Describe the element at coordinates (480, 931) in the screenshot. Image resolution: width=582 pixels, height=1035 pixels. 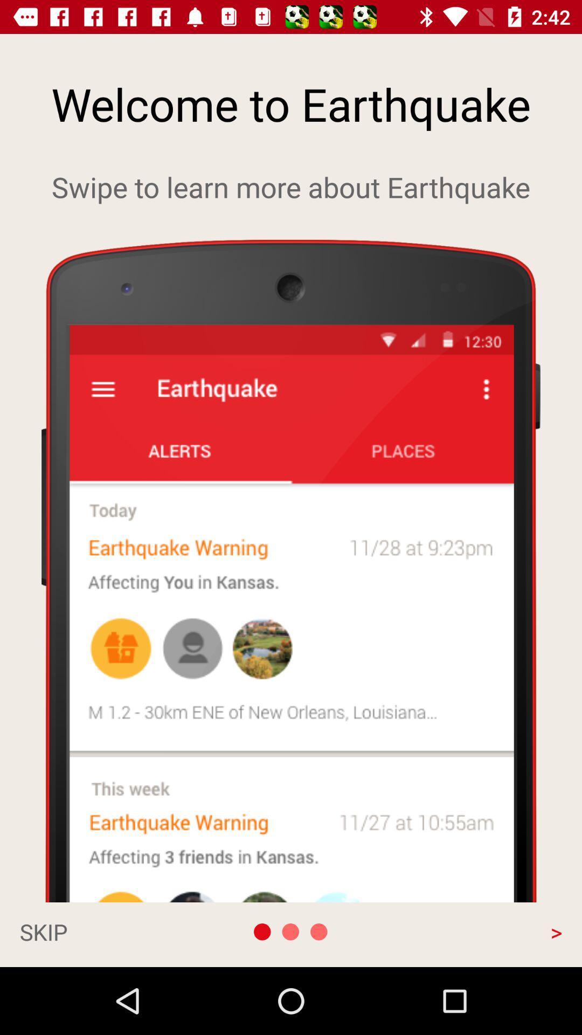
I see `the app at the bottom right corner` at that location.